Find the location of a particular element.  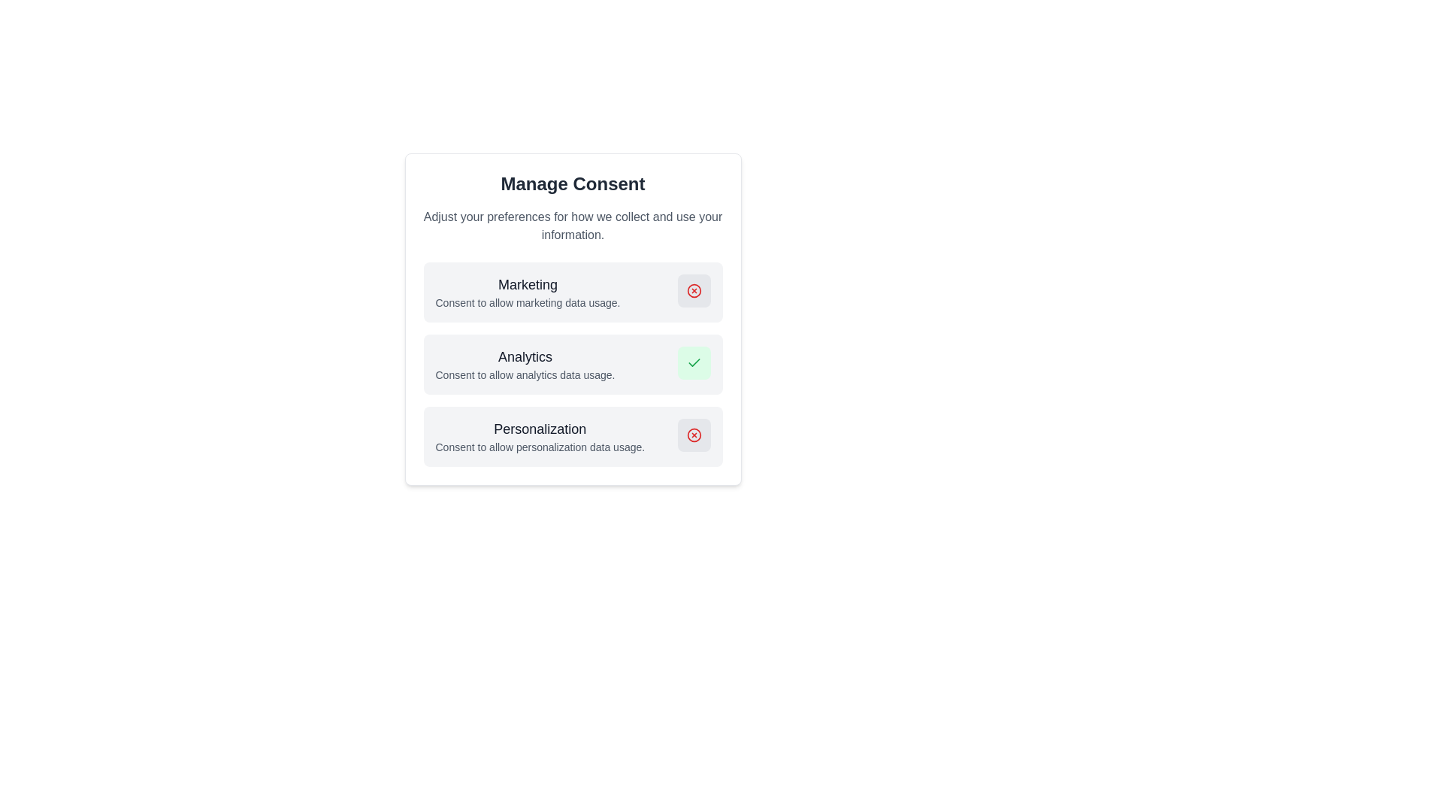

the Checkmark indicator or toggle-like button located to the right of the text 'Consent to allow analytics data usage.' in the 'Analytics' section is located at coordinates (693, 362).